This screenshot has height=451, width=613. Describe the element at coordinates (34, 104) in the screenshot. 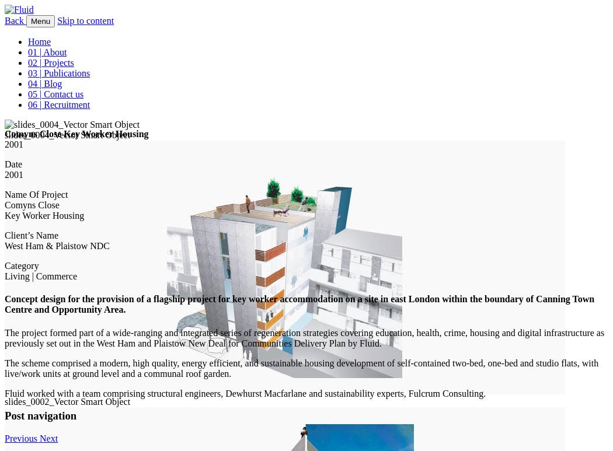

I see `'06 |'` at that location.